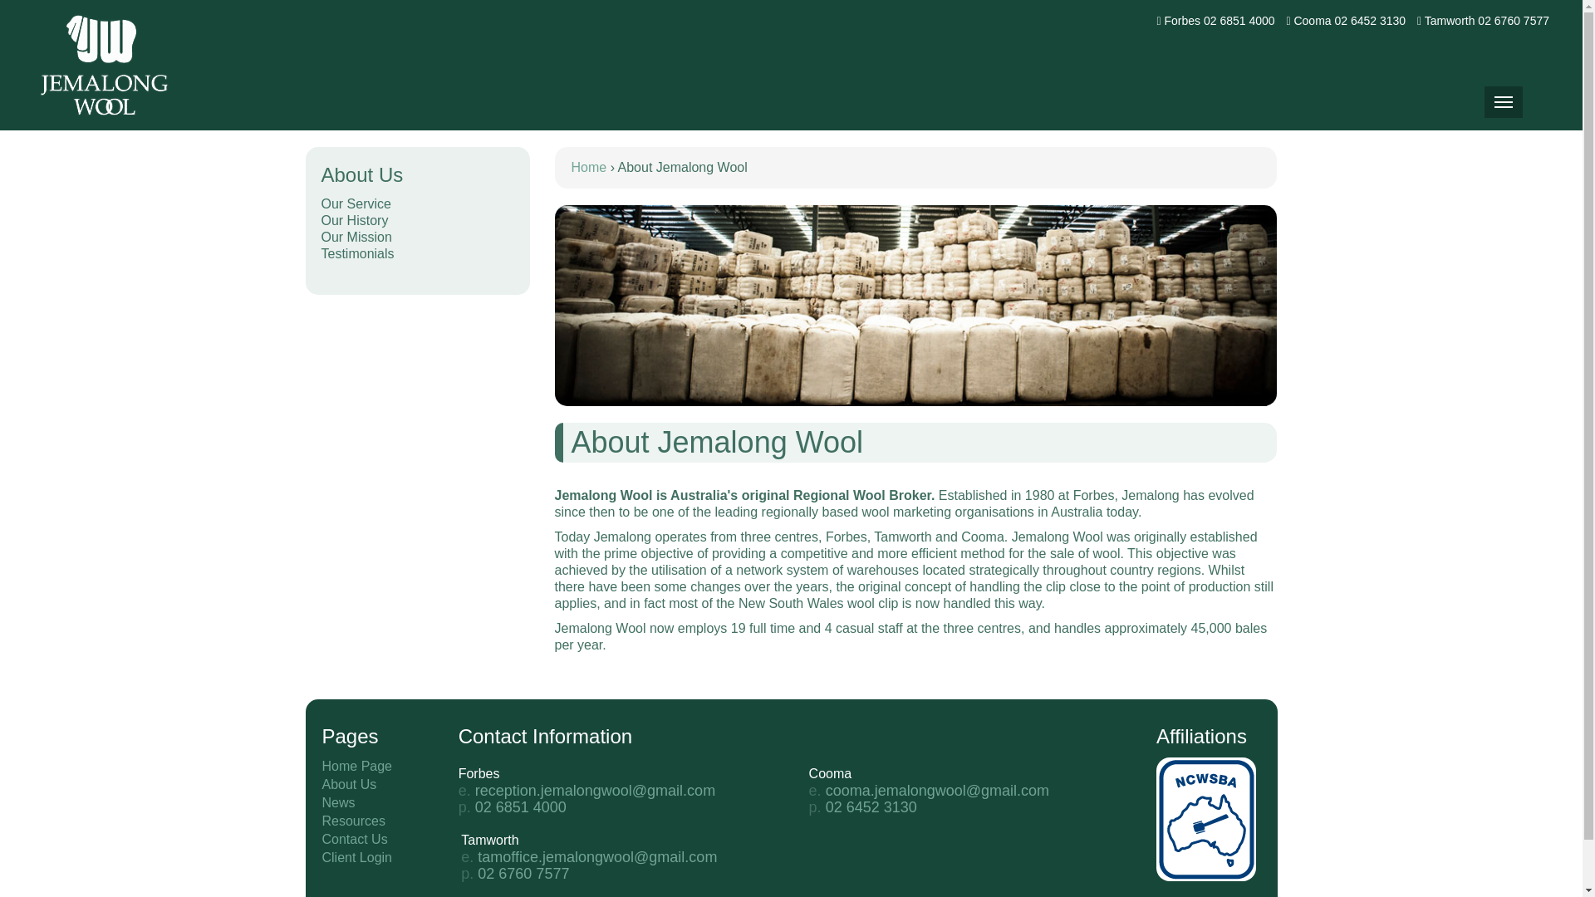 The width and height of the screenshot is (1595, 897). What do you see at coordinates (1503, 102) in the screenshot?
I see `'Navigation'` at bounding box center [1503, 102].